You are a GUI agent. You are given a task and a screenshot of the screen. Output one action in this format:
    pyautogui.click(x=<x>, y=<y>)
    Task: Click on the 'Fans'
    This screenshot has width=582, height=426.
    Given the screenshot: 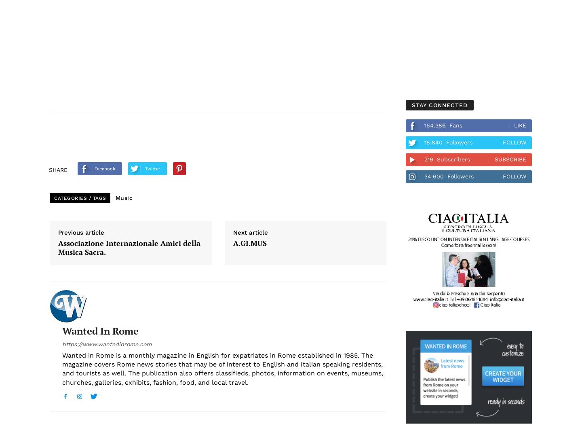 What is the action you would take?
    pyautogui.click(x=455, y=125)
    